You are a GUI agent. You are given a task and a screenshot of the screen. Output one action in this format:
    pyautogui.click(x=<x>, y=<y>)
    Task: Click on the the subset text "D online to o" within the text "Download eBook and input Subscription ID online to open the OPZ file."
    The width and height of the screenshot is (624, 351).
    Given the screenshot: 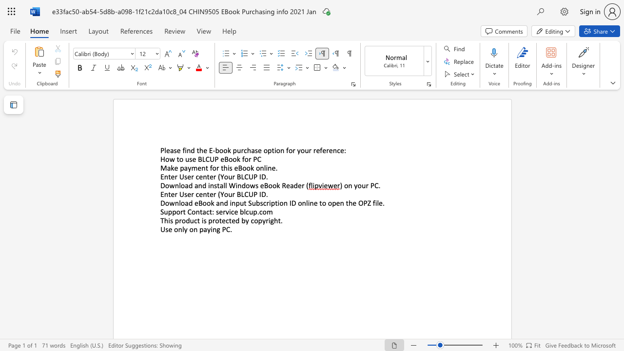 What is the action you would take?
    pyautogui.click(x=291, y=202)
    